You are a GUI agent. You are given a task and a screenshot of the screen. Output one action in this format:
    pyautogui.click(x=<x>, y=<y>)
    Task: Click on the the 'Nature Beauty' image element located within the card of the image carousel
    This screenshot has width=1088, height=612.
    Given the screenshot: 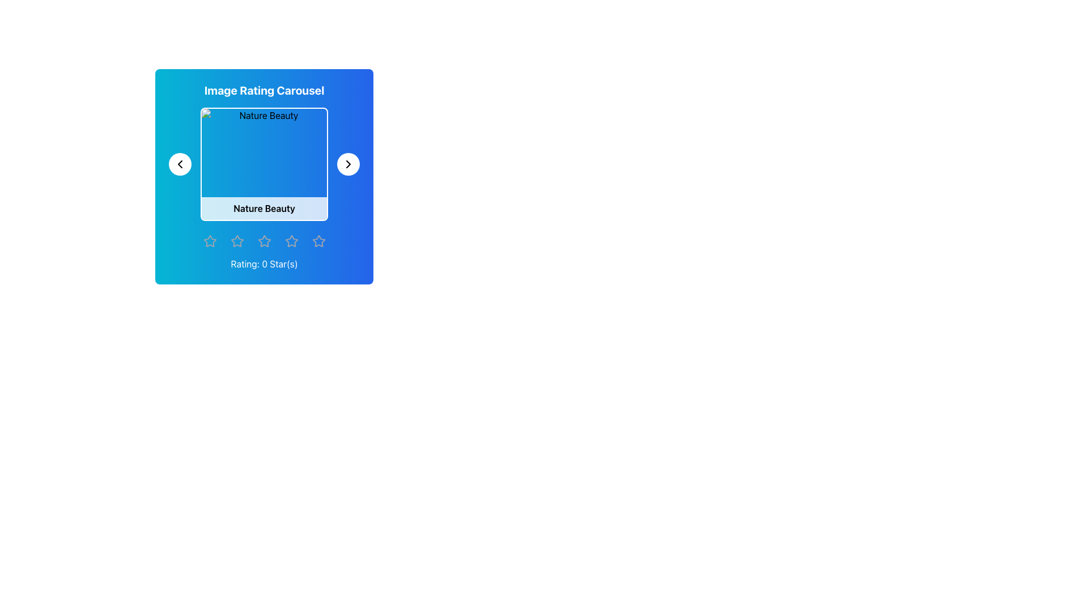 What is the action you would take?
    pyautogui.click(x=263, y=164)
    